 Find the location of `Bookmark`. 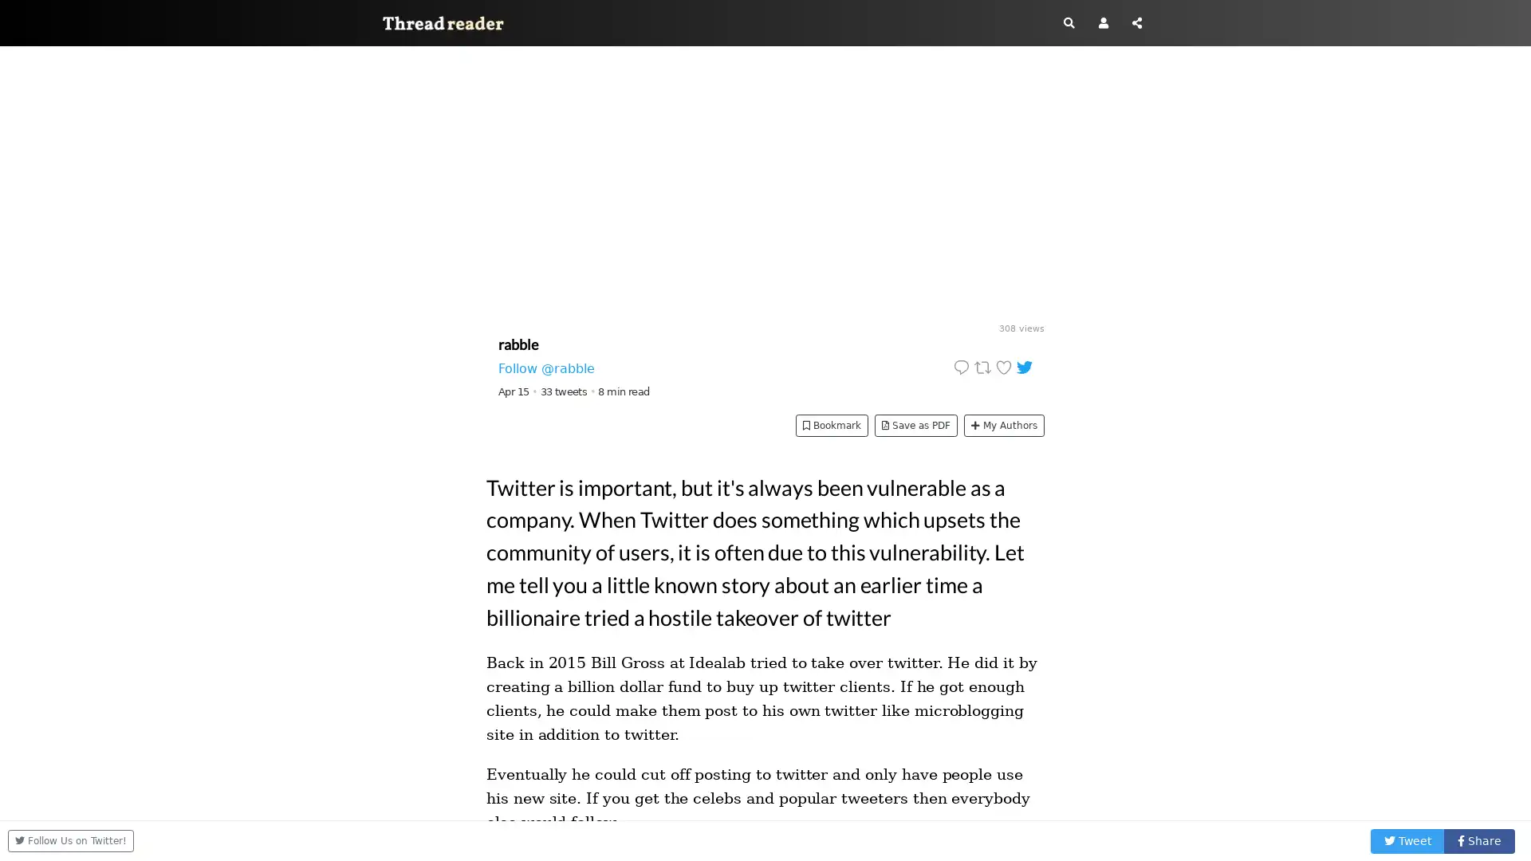

Bookmark is located at coordinates (831, 424).